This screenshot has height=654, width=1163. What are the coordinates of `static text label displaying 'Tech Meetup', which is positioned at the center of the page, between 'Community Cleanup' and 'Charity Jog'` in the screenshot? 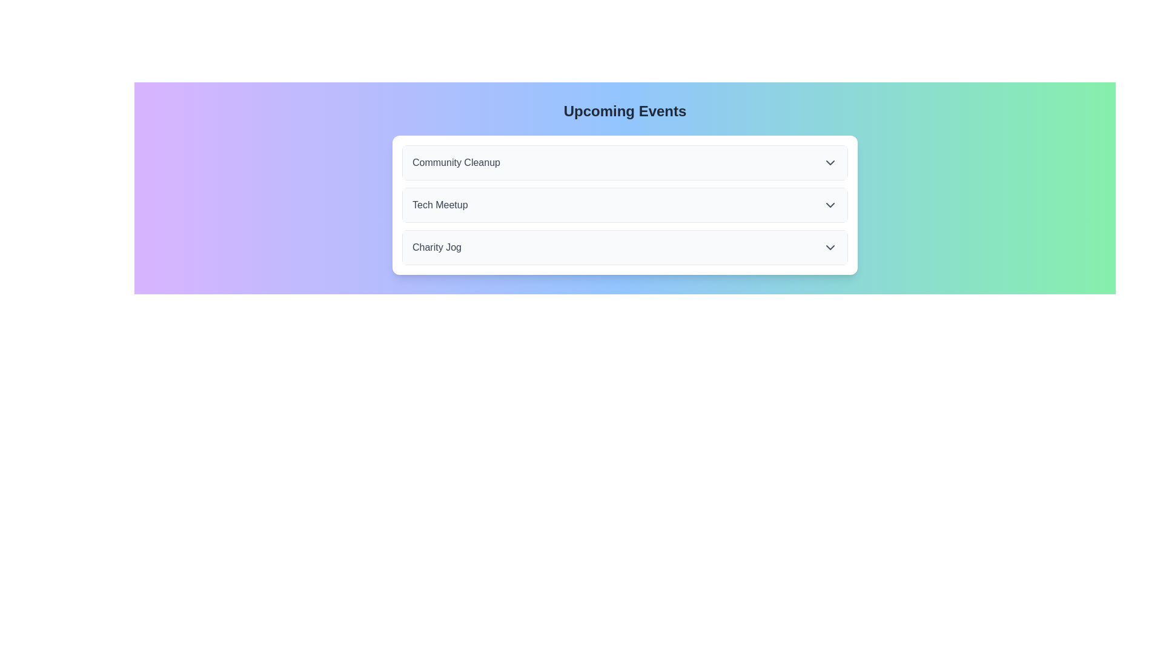 It's located at (439, 205).